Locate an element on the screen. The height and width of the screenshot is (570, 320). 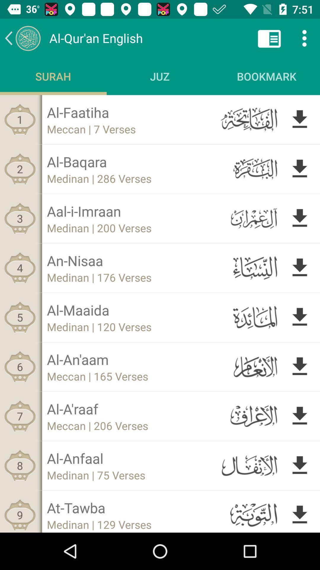
download item is located at coordinates (300, 317).